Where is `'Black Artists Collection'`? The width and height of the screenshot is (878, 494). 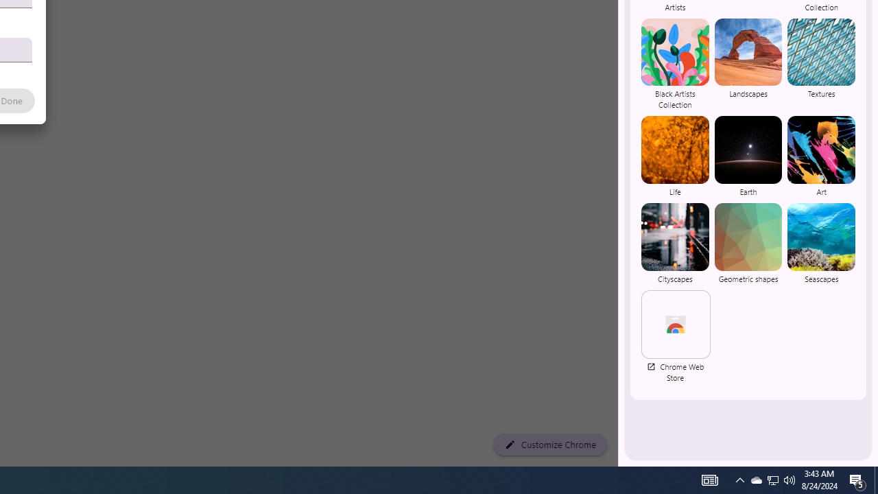
'Black Artists Collection' is located at coordinates (675, 64).